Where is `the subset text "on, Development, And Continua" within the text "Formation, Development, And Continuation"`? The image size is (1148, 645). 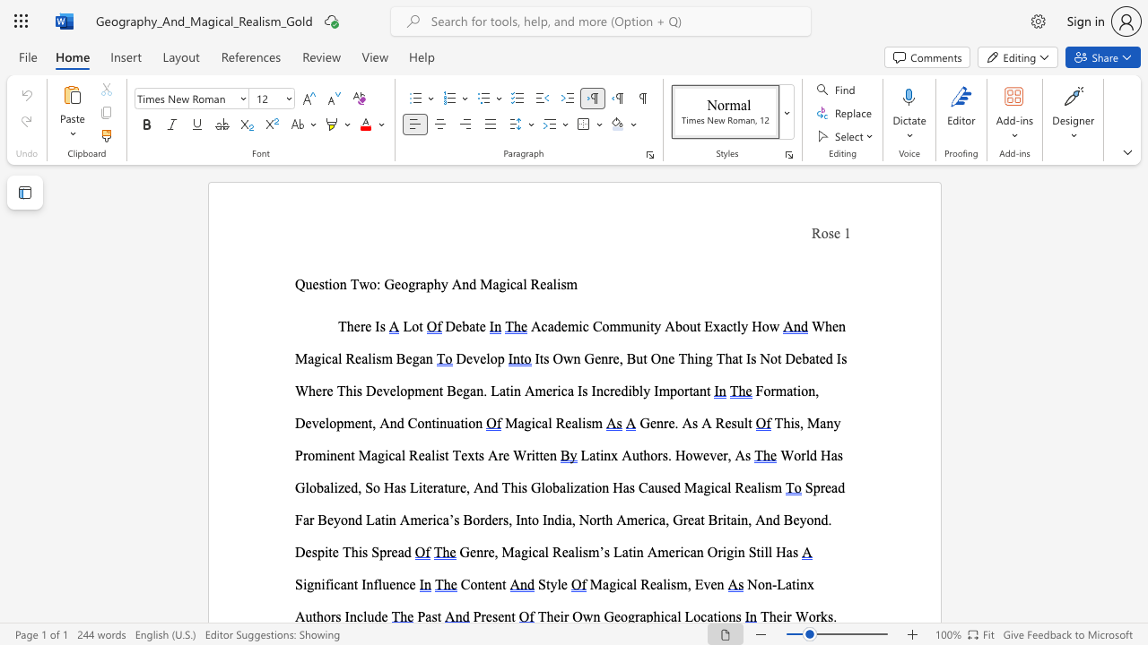
the subset text "on, Development, And Continua" within the text "Formation, Development, And Continuation" is located at coordinates (800, 390).